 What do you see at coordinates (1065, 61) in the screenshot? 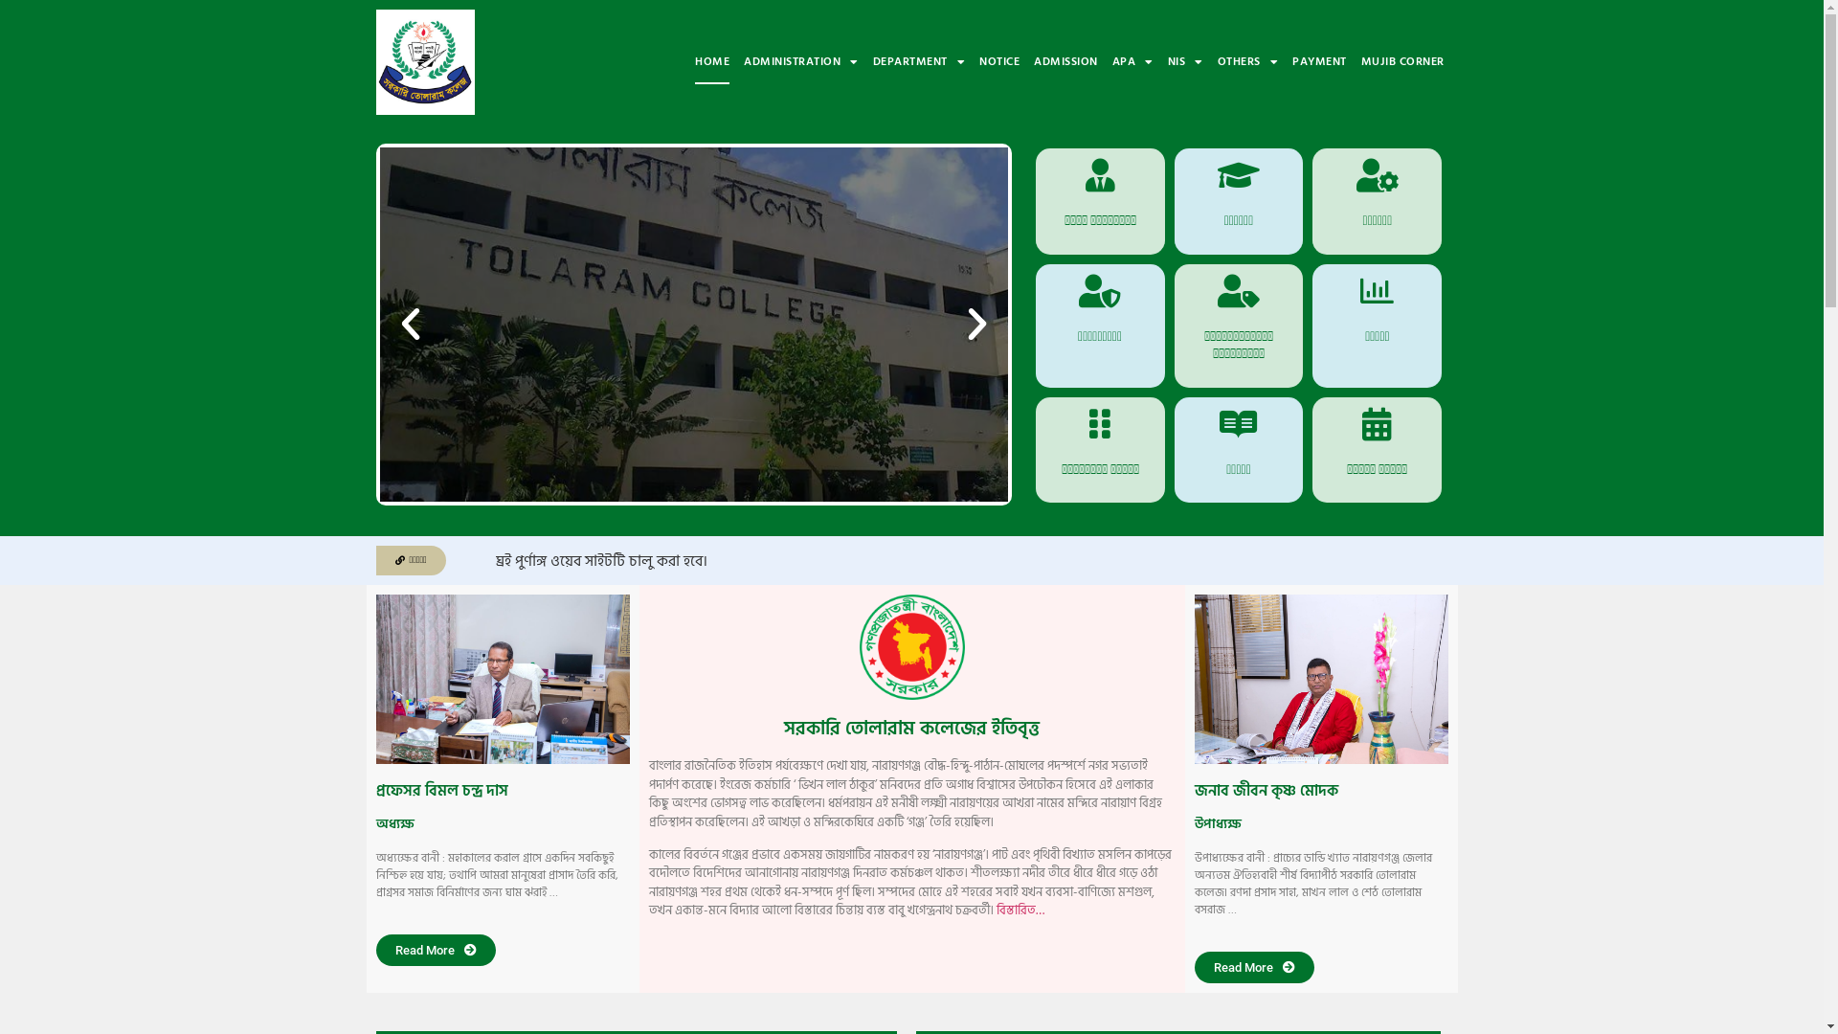
I see `'ADMISSION'` at bounding box center [1065, 61].